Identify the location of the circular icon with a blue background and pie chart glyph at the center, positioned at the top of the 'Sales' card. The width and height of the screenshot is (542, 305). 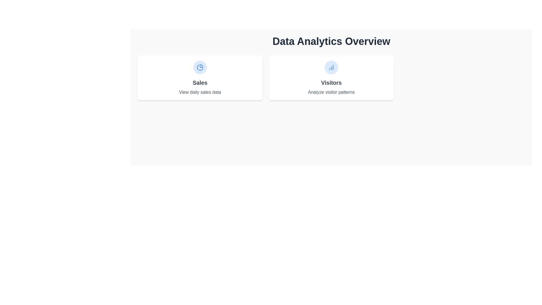
(200, 67).